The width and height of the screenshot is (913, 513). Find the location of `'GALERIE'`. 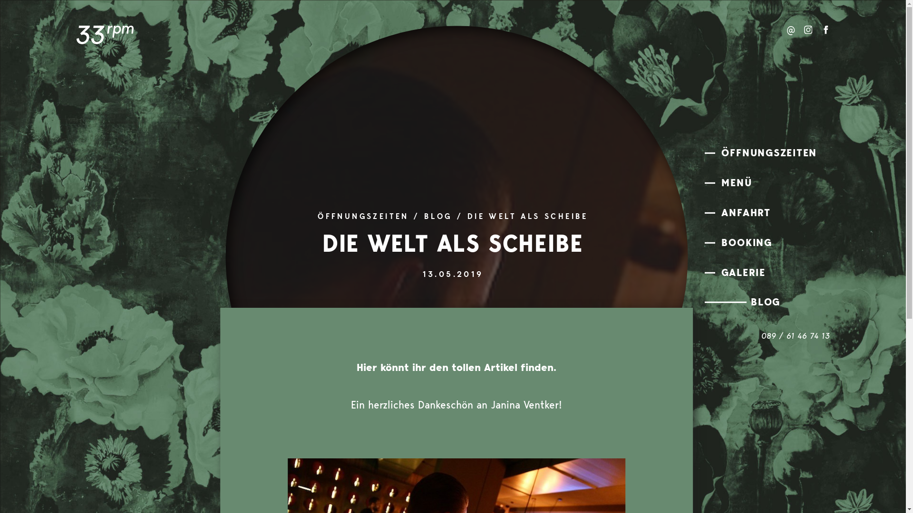

'GALERIE' is located at coordinates (769, 273).